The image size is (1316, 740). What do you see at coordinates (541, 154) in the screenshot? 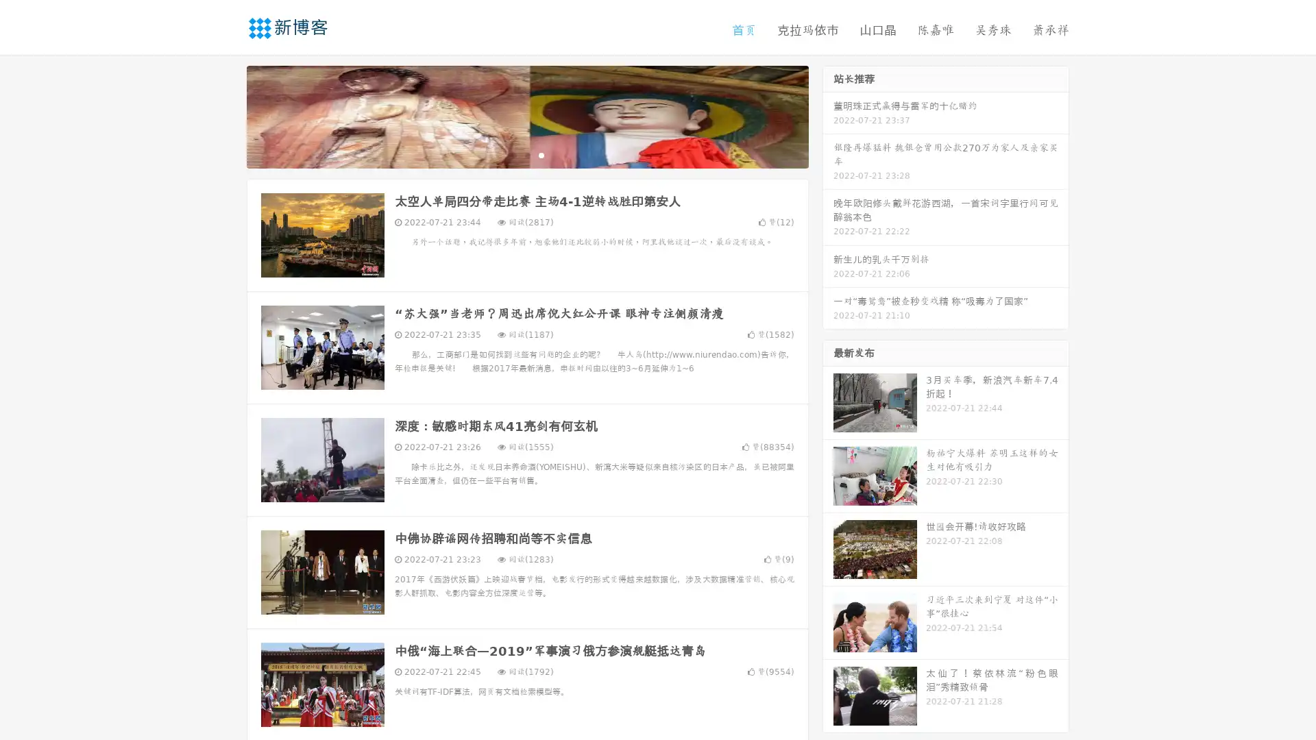
I see `Go to slide 3` at bounding box center [541, 154].